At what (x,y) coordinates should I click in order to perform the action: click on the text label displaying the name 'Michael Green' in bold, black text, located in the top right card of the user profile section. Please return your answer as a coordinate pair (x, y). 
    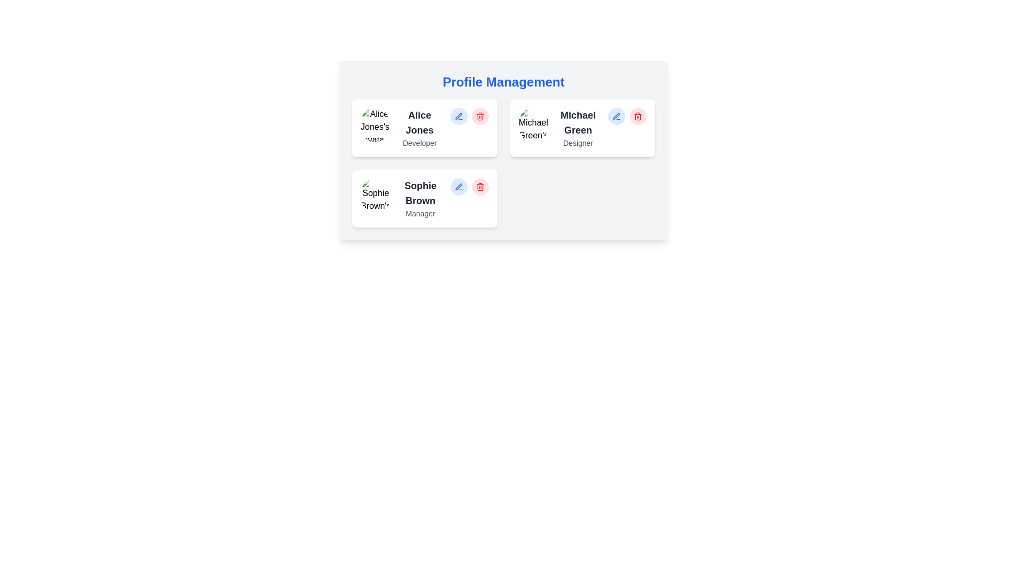
    Looking at the image, I should click on (578, 122).